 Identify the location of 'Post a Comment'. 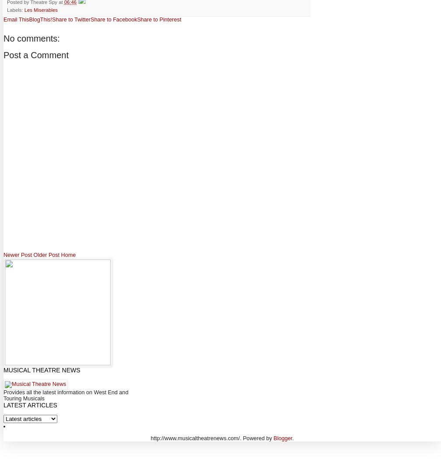
(35, 55).